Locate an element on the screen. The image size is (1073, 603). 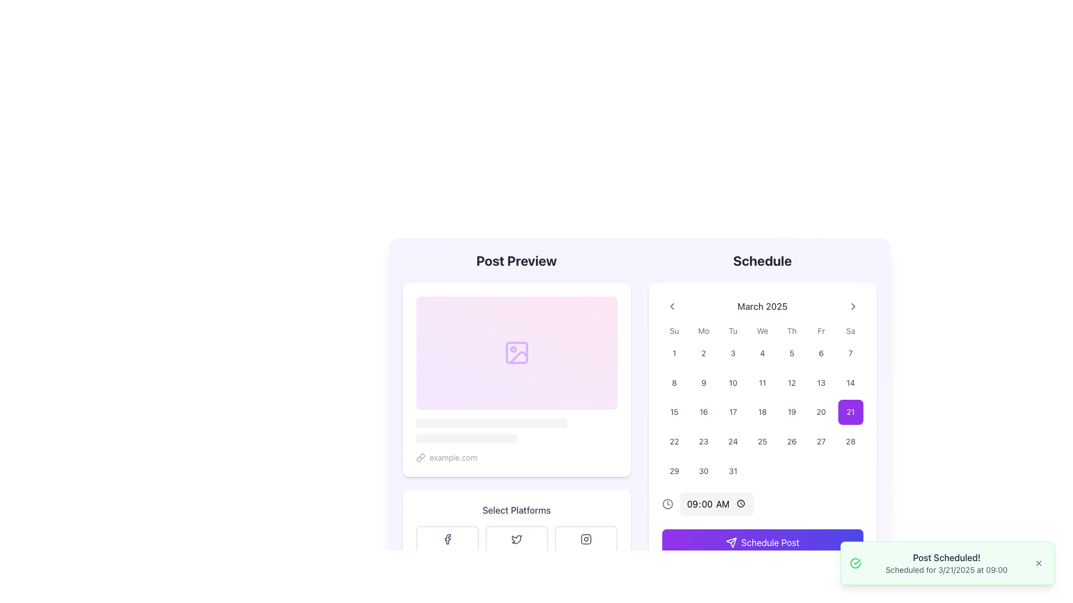
the calendar button displaying the date '23' in the 4th column and 4th row of the March 2025 calendar grid is located at coordinates (703, 441).